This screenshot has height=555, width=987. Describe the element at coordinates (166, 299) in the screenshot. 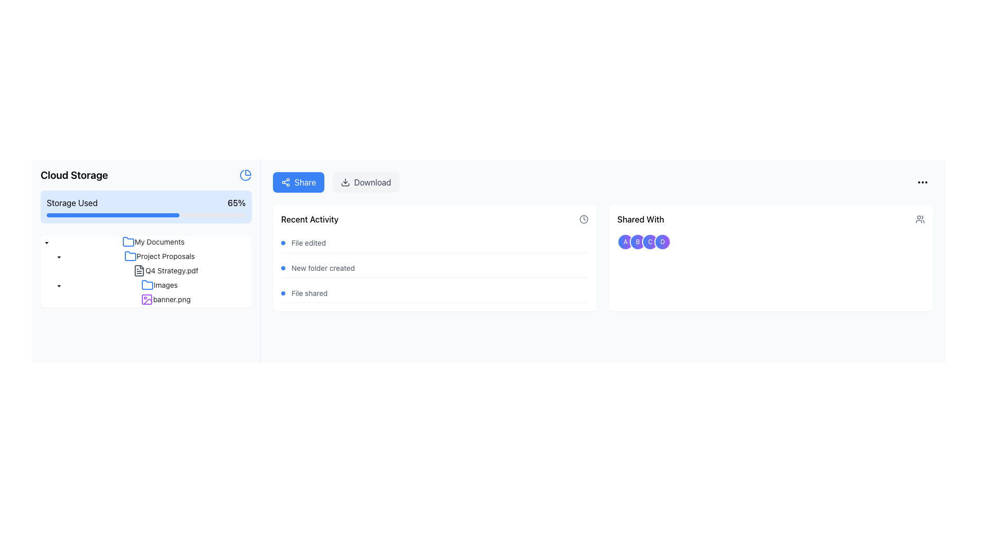

I see `the file node labeled 'banner.png' from the Images folder` at that location.